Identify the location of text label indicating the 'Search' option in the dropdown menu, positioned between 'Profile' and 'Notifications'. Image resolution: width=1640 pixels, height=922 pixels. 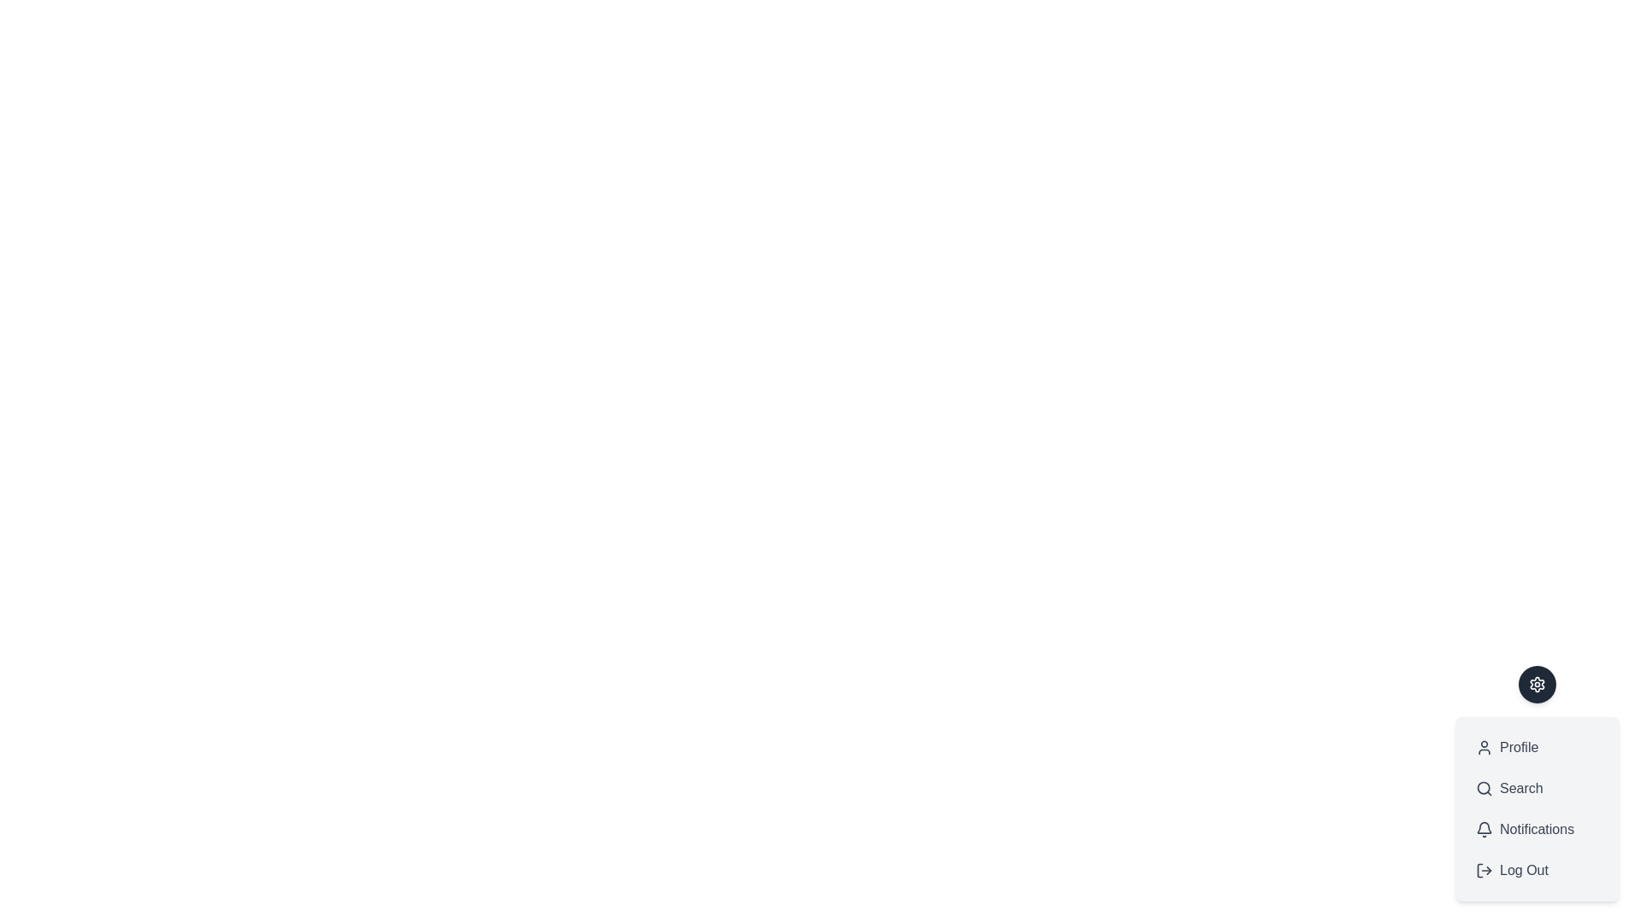
(1521, 789).